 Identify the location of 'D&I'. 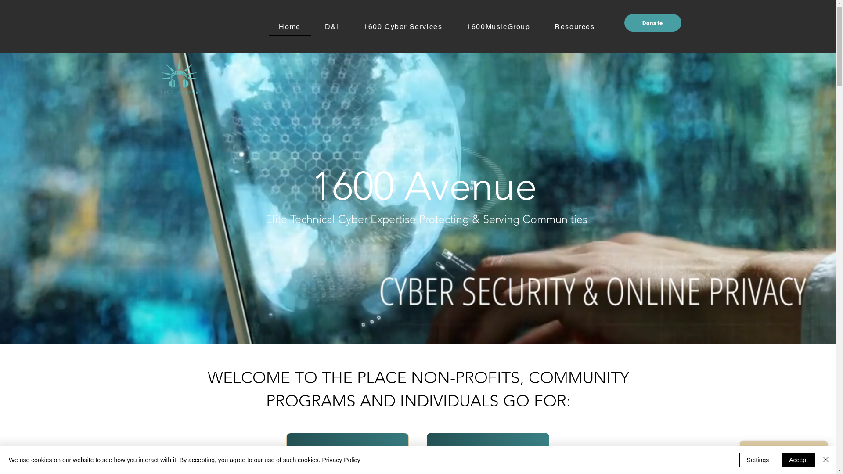
(332, 26).